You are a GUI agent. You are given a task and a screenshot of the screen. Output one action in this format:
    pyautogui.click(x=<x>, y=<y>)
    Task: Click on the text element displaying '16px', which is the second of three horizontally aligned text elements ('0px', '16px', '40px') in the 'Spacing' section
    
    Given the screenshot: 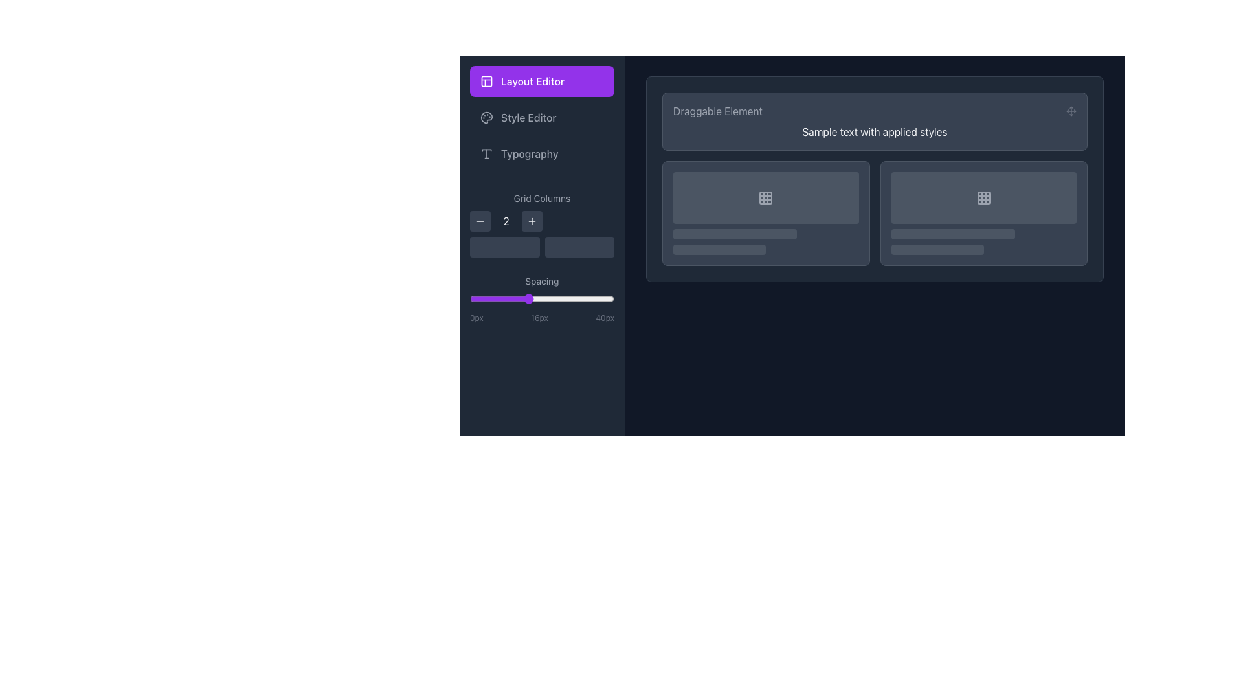 What is the action you would take?
    pyautogui.click(x=539, y=318)
    